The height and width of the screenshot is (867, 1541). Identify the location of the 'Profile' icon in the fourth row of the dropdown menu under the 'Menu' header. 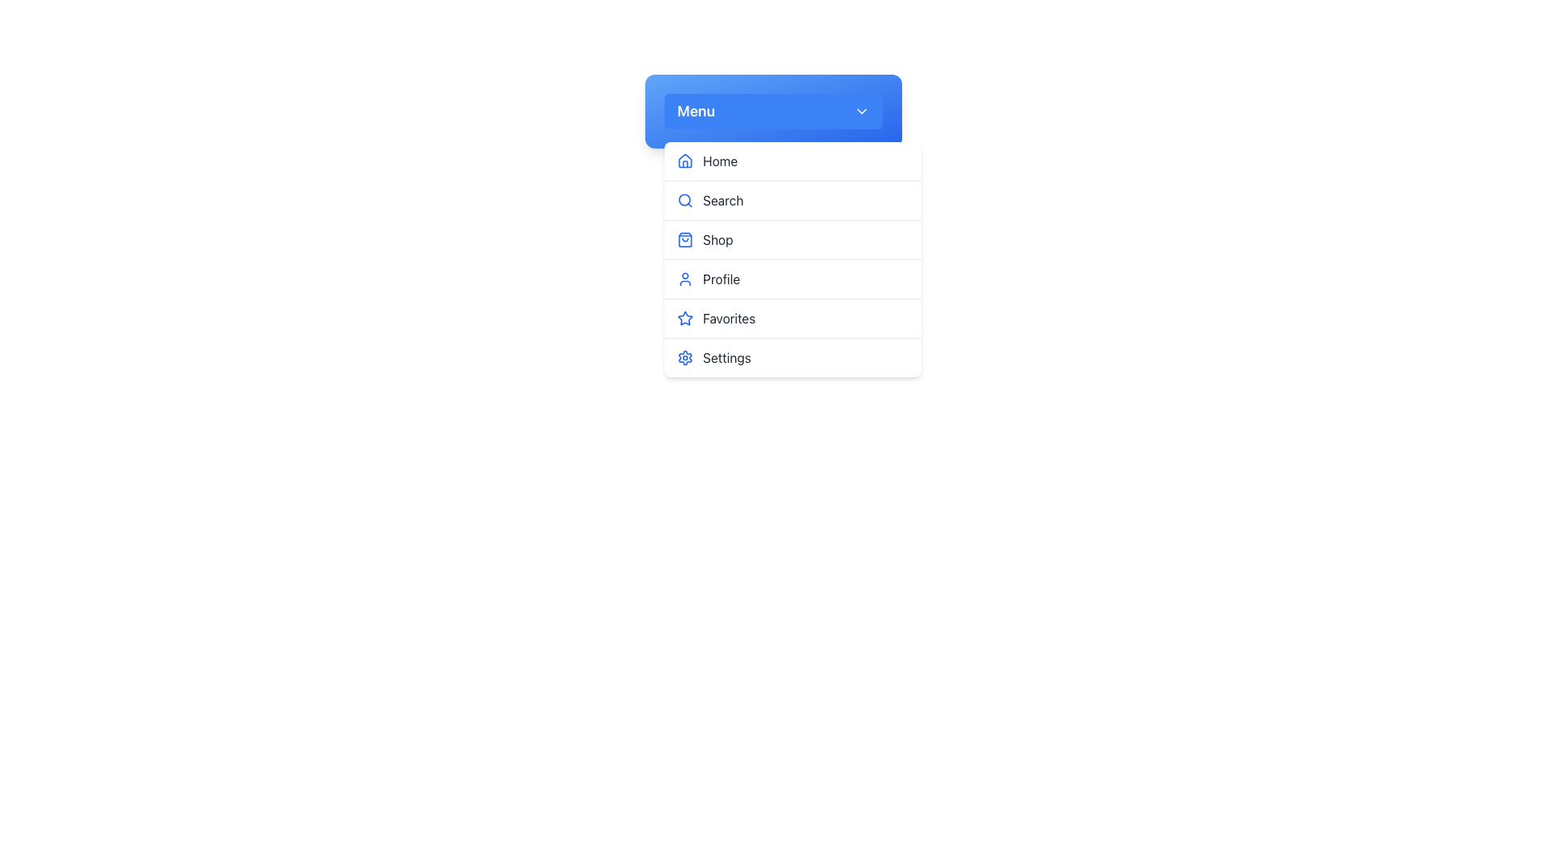
(685, 278).